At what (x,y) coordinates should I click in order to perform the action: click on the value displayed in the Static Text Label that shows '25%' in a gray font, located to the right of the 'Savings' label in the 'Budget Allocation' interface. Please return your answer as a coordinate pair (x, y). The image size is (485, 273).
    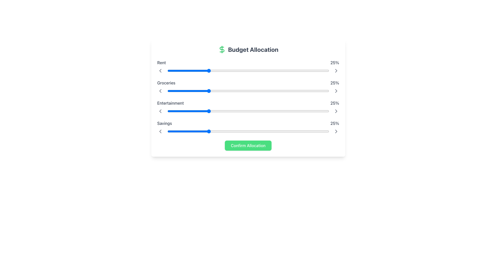
    Looking at the image, I should click on (335, 123).